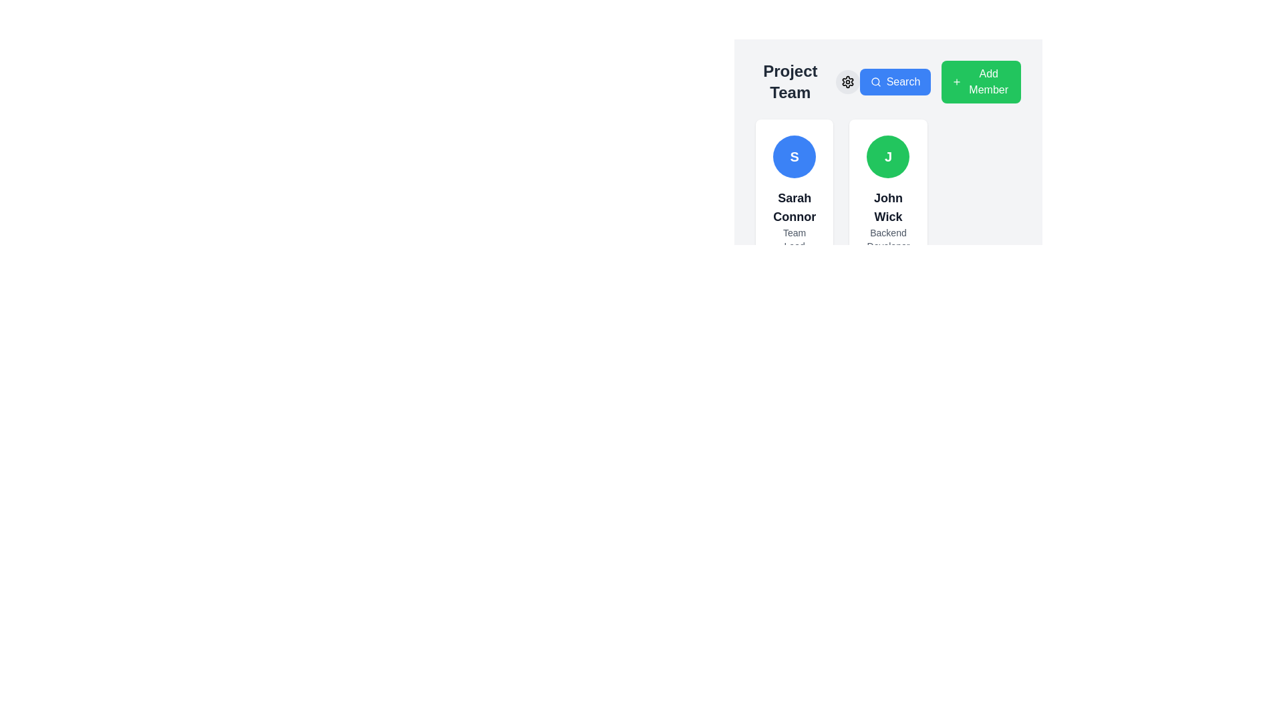  Describe the element at coordinates (795, 208) in the screenshot. I see `displayed name of the team member, which is represented by the label located below a circular blue icon with a letter 'S' and above the subtitle 'Team Lead'` at that location.